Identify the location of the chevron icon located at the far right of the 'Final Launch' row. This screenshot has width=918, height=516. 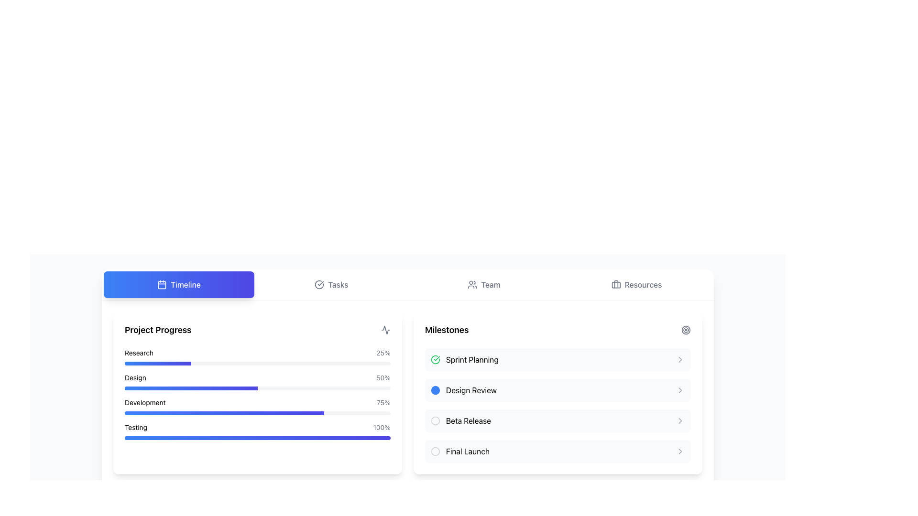
(679, 451).